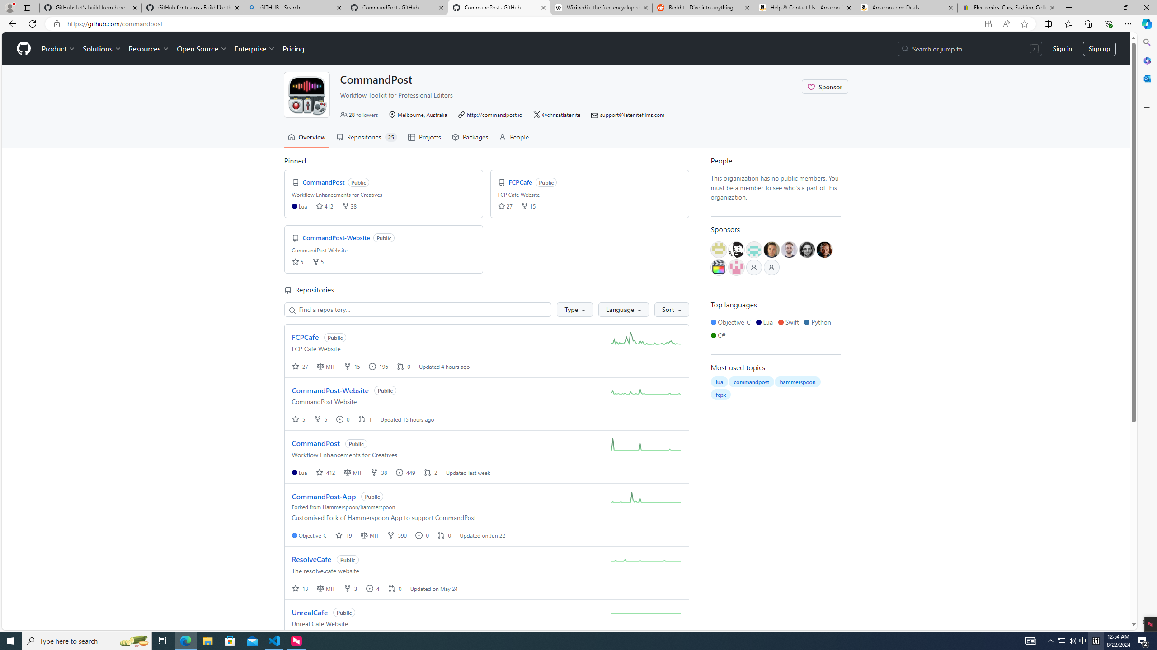 The height and width of the screenshot is (650, 1157). Describe the element at coordinates (367, 137) in the screenshot. I see `'Repositories 25'` at that location.